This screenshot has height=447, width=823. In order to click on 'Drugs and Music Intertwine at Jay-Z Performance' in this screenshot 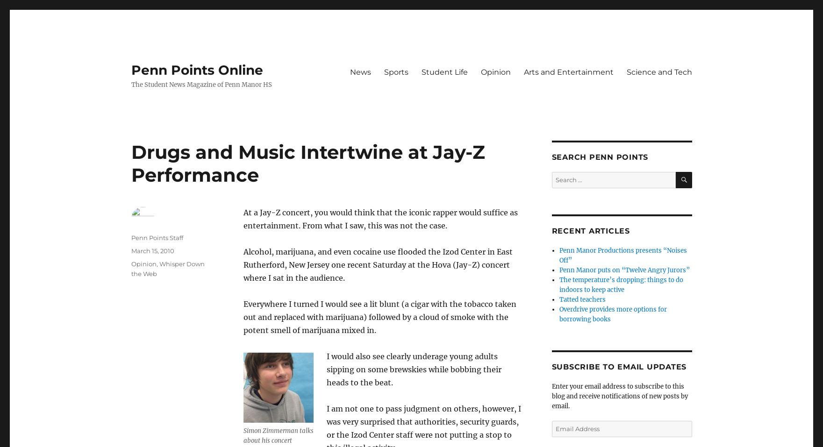, I will do `click(308, 163)`.